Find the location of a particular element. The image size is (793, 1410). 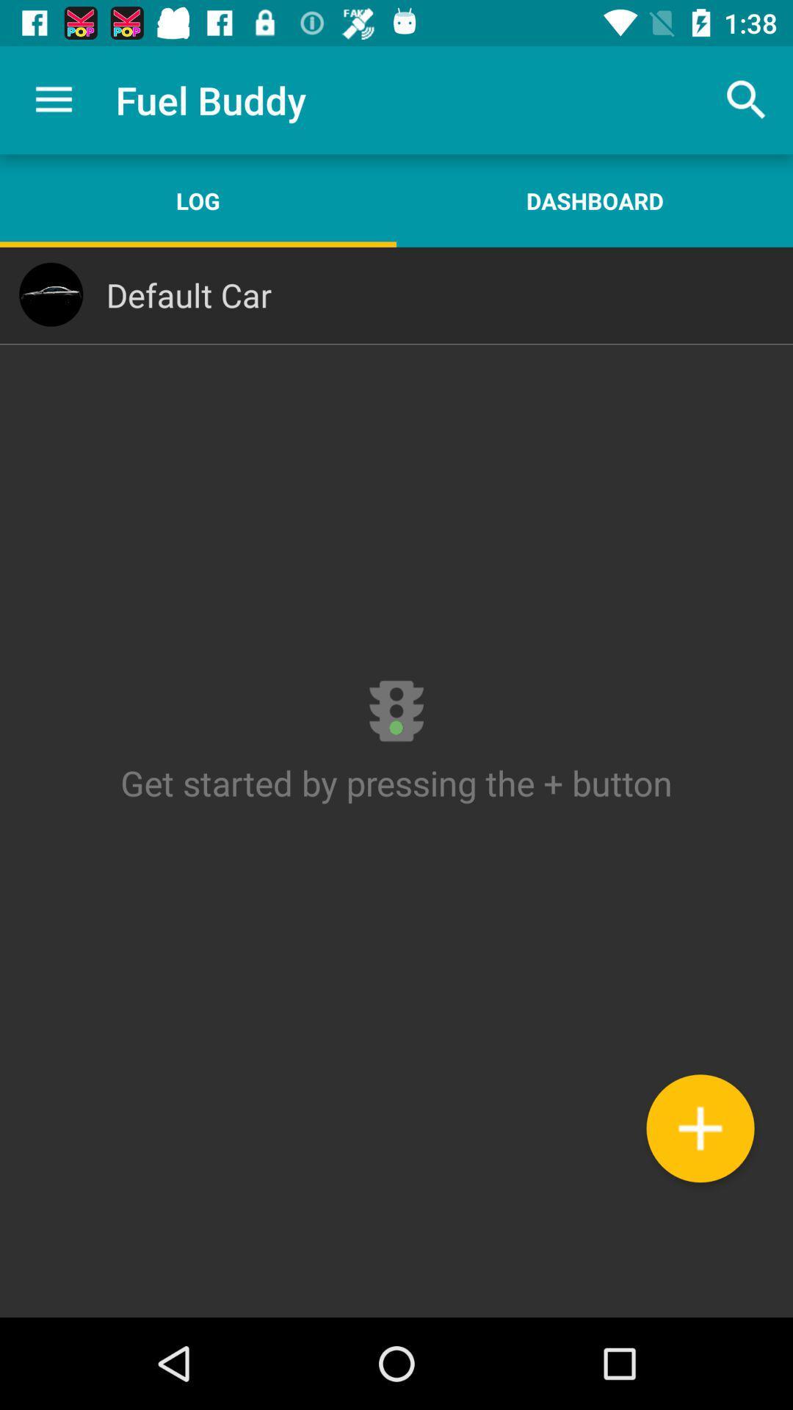

the log is located at coordinates (198, 200).